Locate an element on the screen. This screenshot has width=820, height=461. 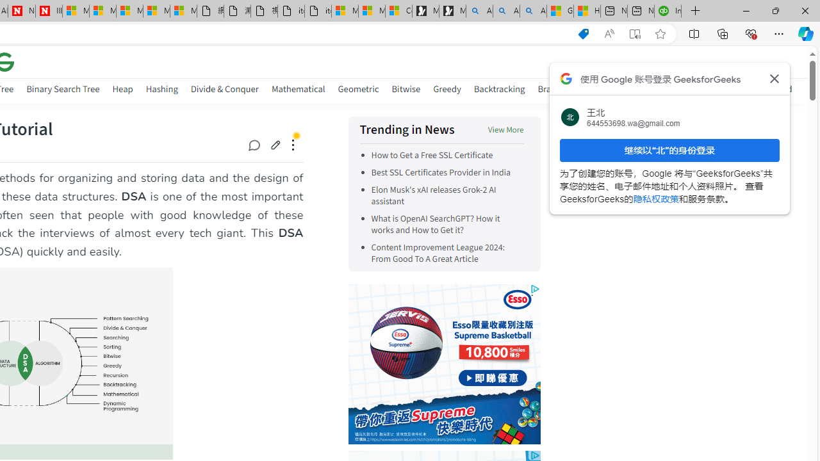
'Alabama high school quarterback dies - Search Videos' is located at coordinates (533, 11).